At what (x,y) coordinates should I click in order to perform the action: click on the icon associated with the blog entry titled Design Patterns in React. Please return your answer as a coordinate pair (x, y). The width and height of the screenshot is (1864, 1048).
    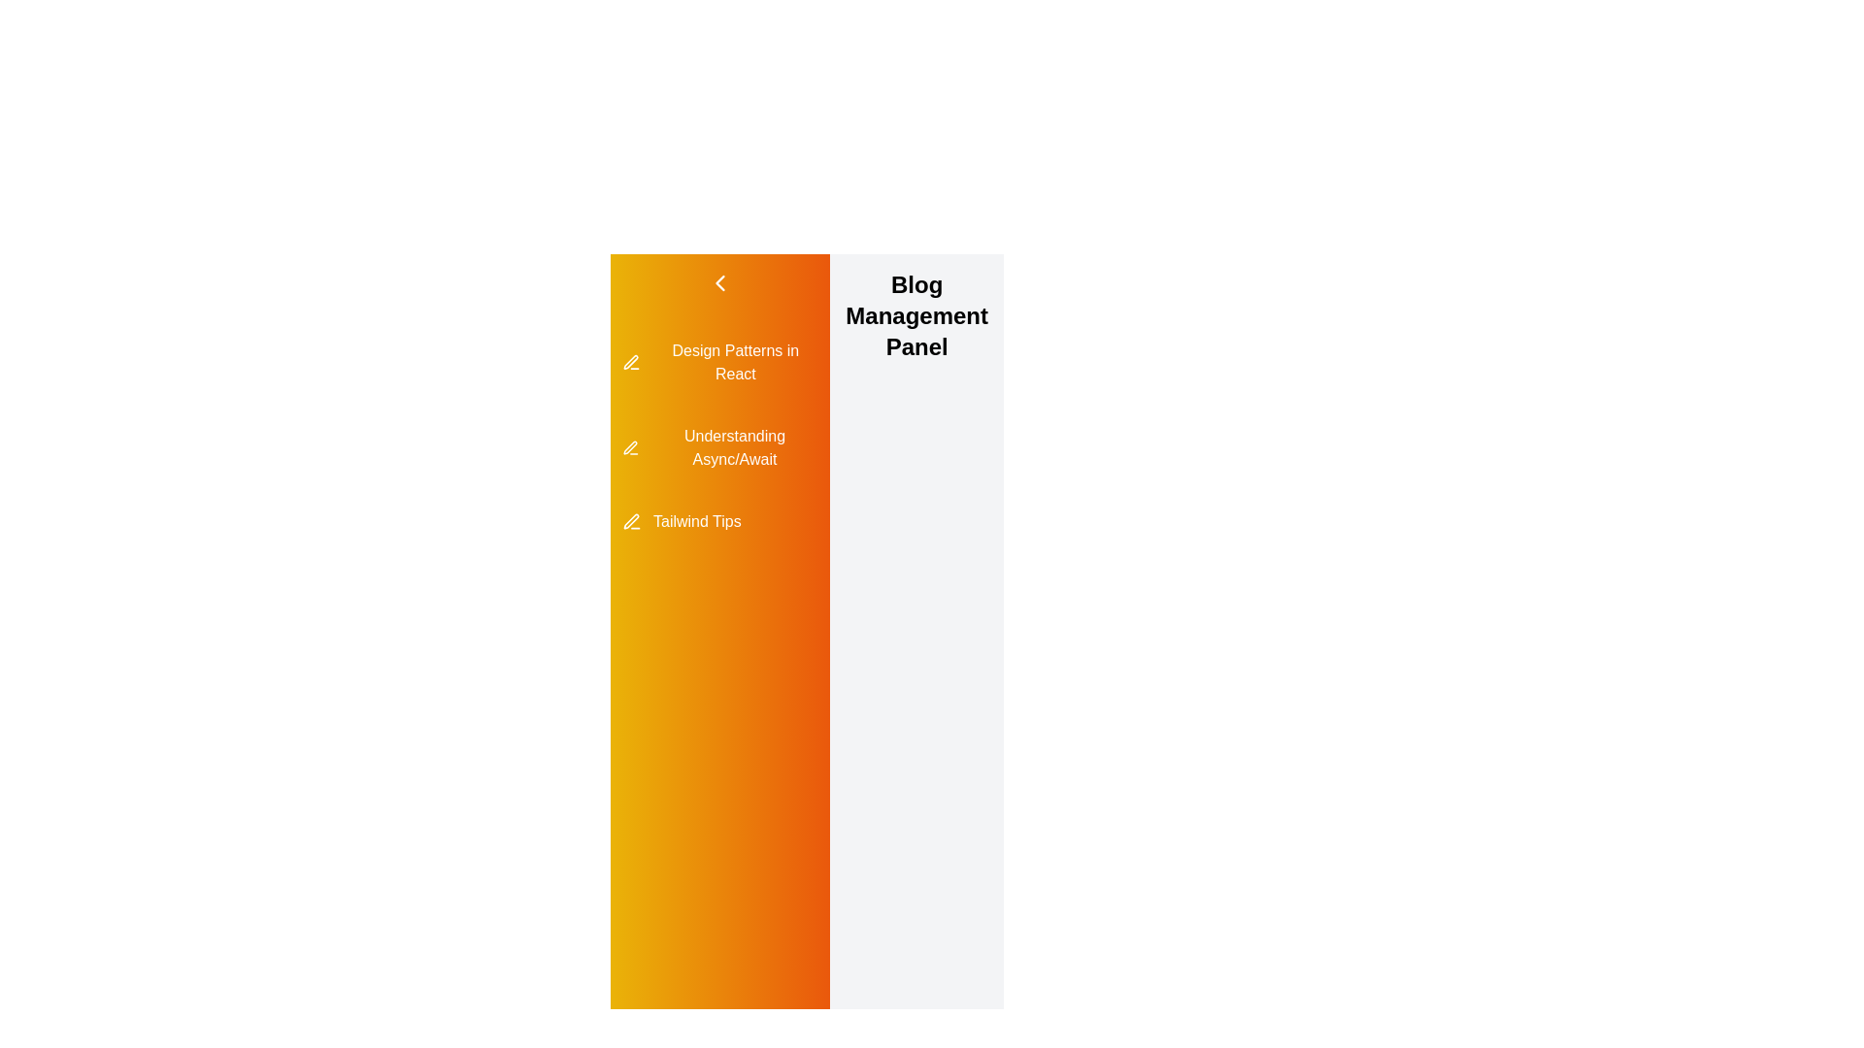
    Looking at the image, I should click on (630, 363).